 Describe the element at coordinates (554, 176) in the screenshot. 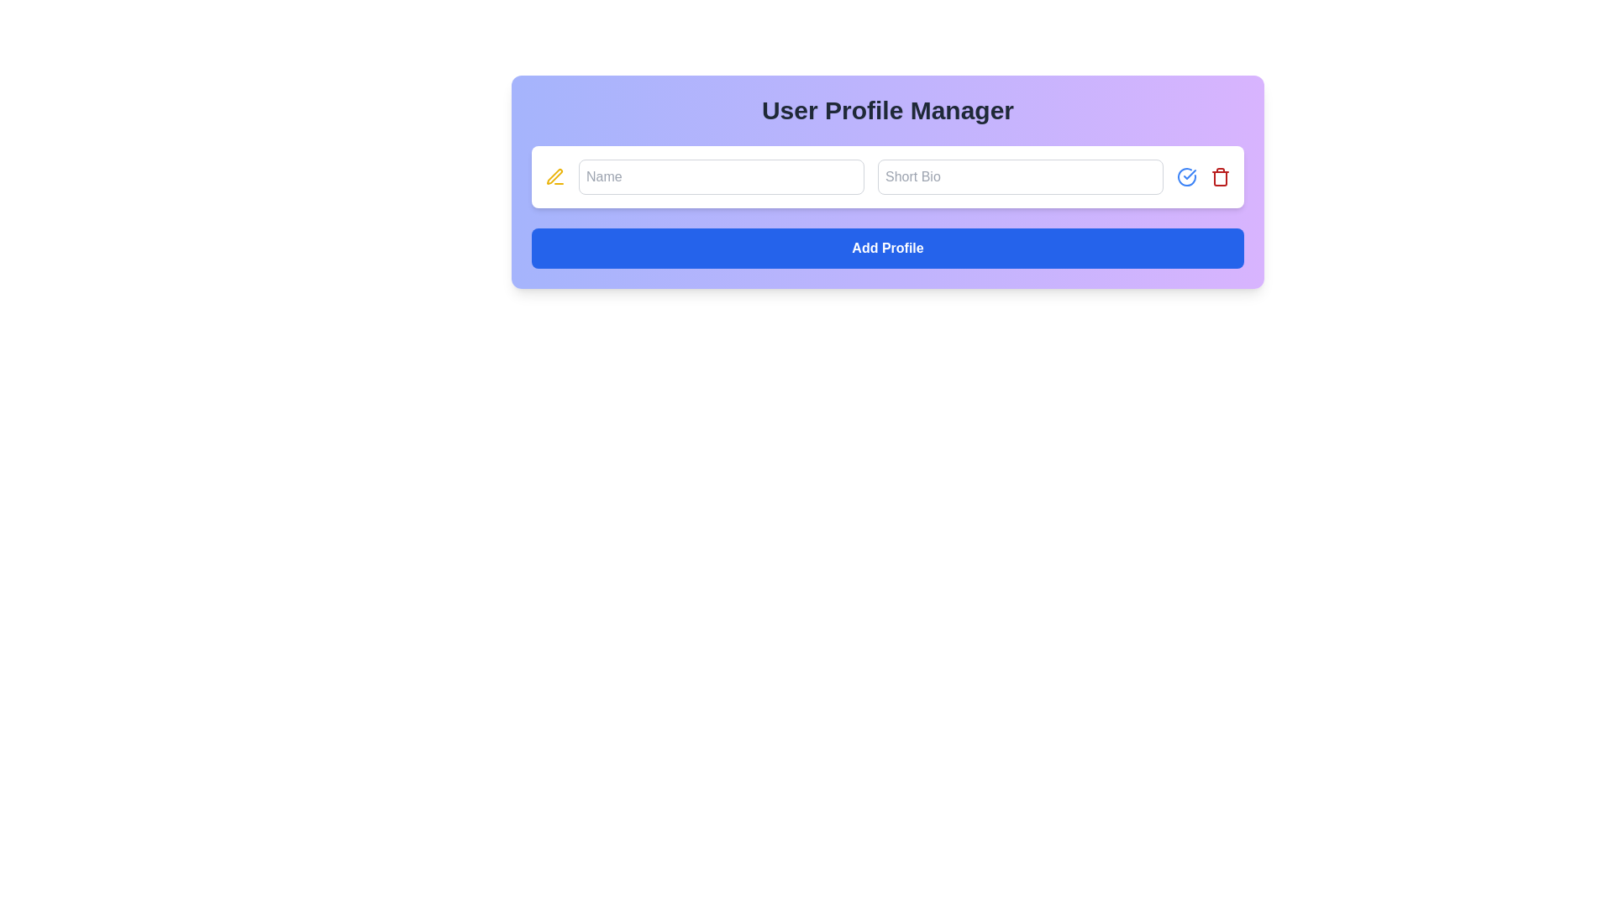

I see `the pen icon graphic, which is a decorative element to symbolize editing, located to the left of the 'Name' input field in the profile manager interface` at that location.